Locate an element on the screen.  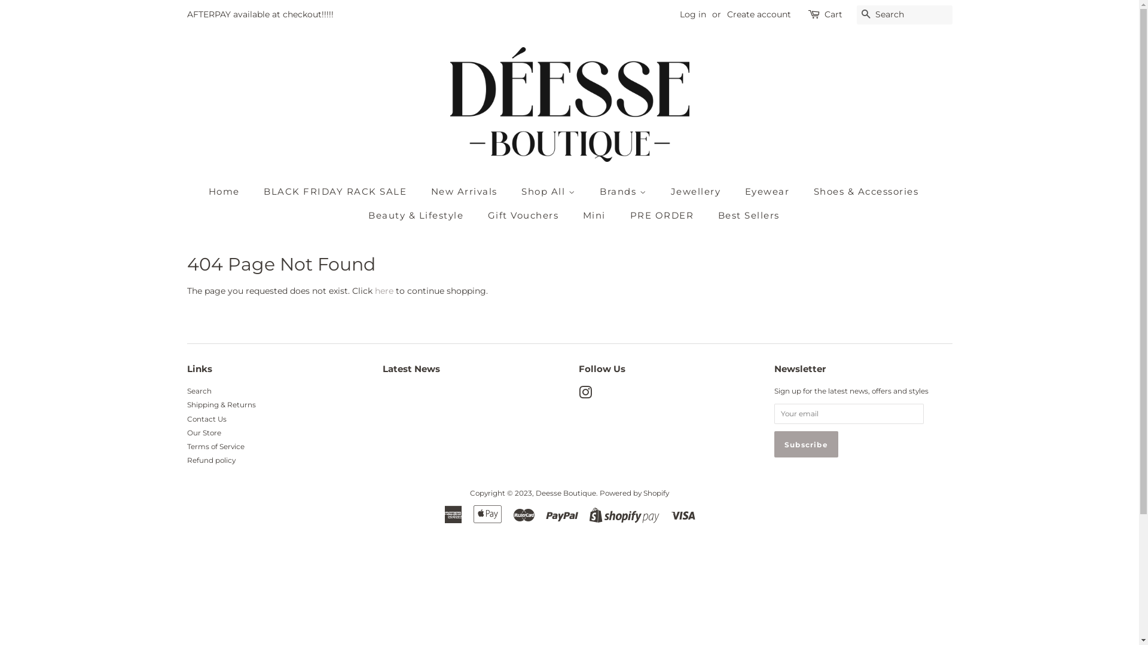
'Home' is located at coordinates (230, 191).